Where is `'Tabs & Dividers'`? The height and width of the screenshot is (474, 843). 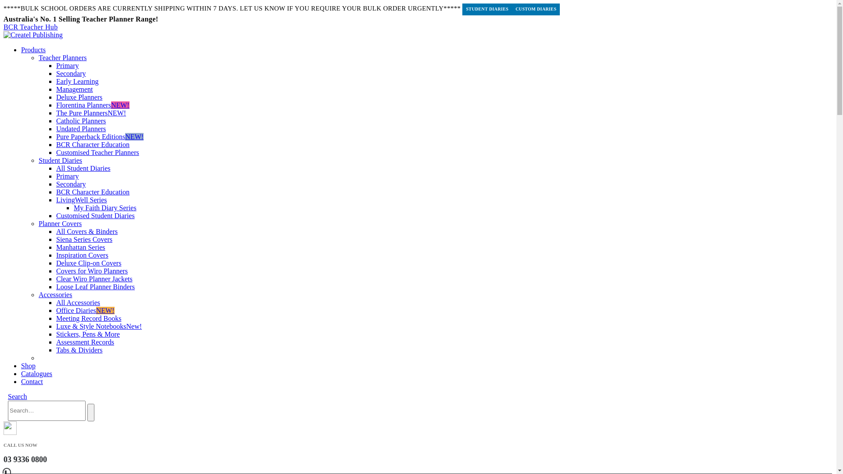
'Tabs & Dividers' is located at coordinates (56, 349).